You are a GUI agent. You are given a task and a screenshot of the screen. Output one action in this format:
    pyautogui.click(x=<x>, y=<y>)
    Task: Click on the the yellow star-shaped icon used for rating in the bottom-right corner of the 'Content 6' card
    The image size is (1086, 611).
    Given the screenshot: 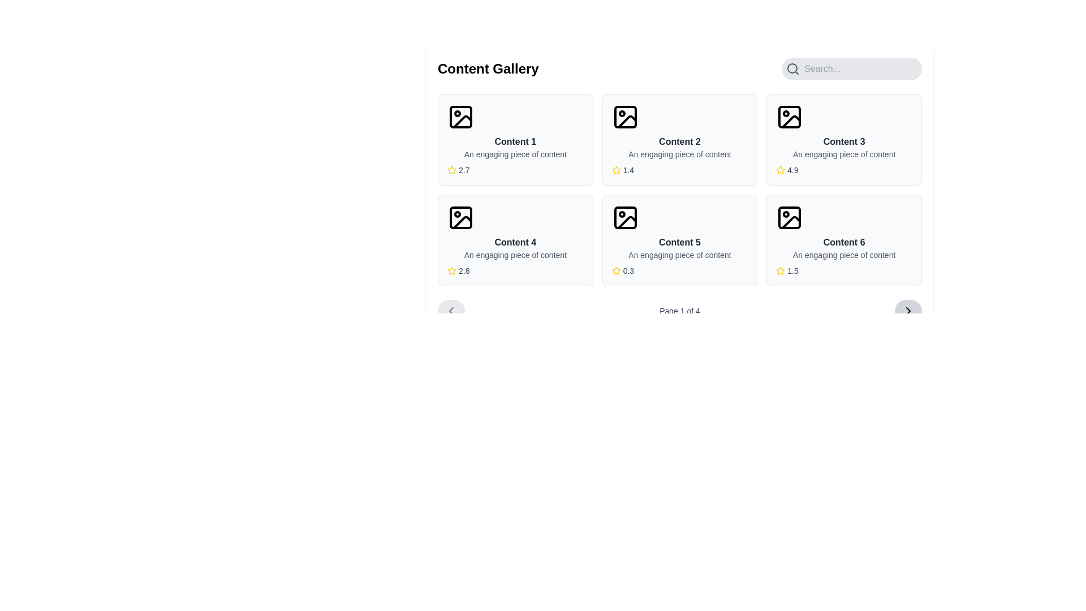 What is the action you would take?
    pyautogui.click(x=780, y=270)
    